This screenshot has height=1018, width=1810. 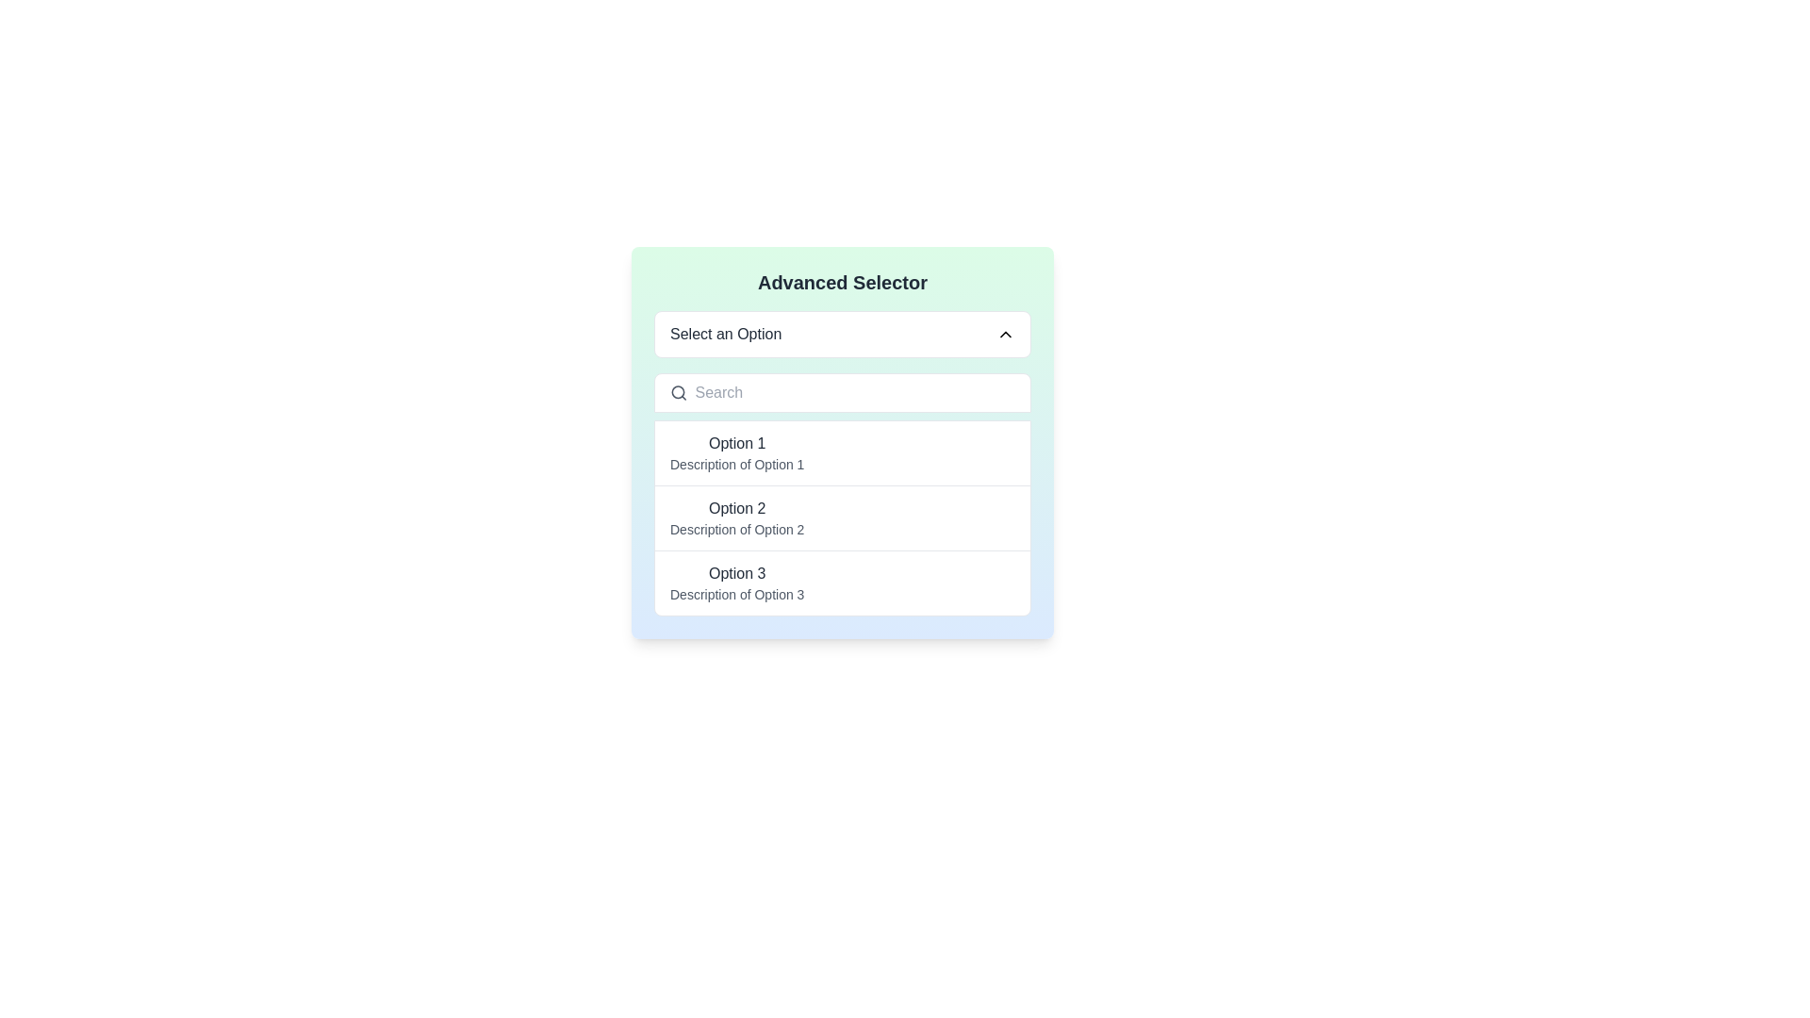 I want to click on the first selectable option 'Option 1' in the dropdown list under the heading 'Advanced Selector', so click(x=736, y=453).